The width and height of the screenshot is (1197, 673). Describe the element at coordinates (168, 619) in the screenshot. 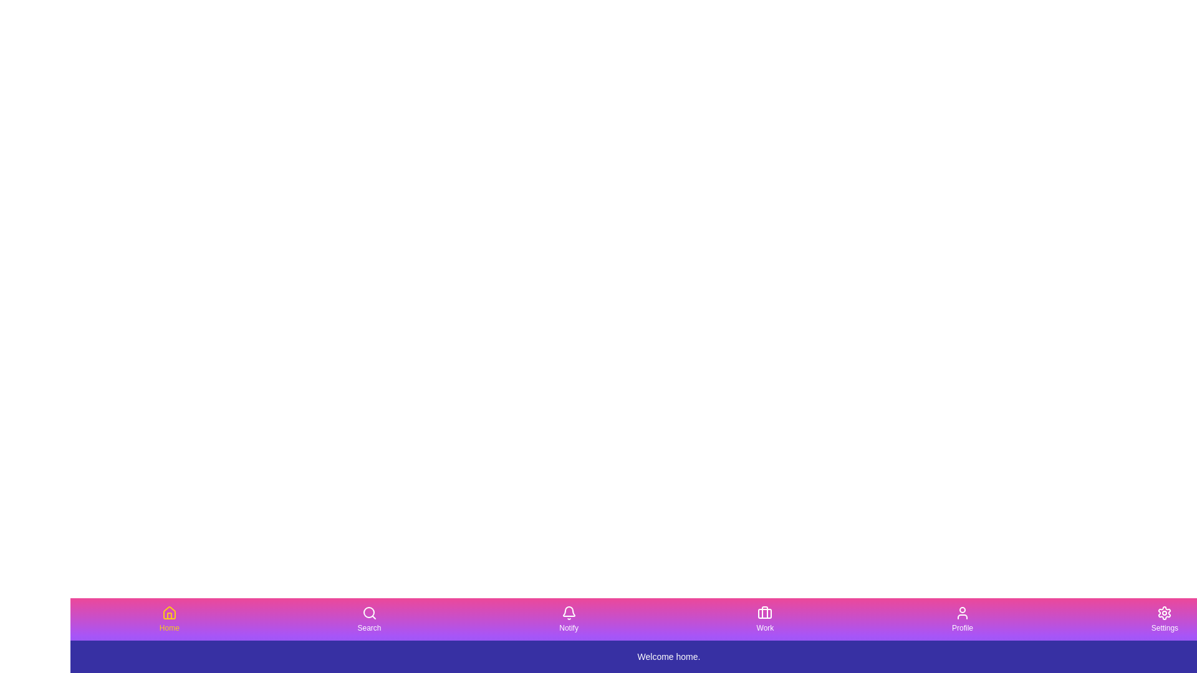

I see `the tab labeled Home by clicking its button` at that location.